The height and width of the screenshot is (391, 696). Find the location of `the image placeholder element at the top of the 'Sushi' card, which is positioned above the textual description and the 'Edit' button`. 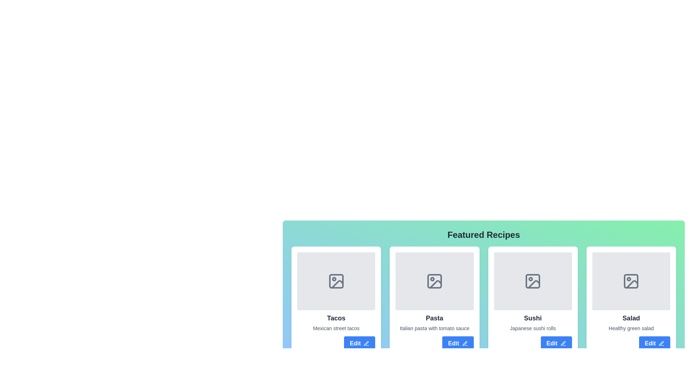

the image placeholder element at the top of the 'Sushi' card, which is positioned above the textual description and the 'Edit' button is located at coordinates (533, 281).